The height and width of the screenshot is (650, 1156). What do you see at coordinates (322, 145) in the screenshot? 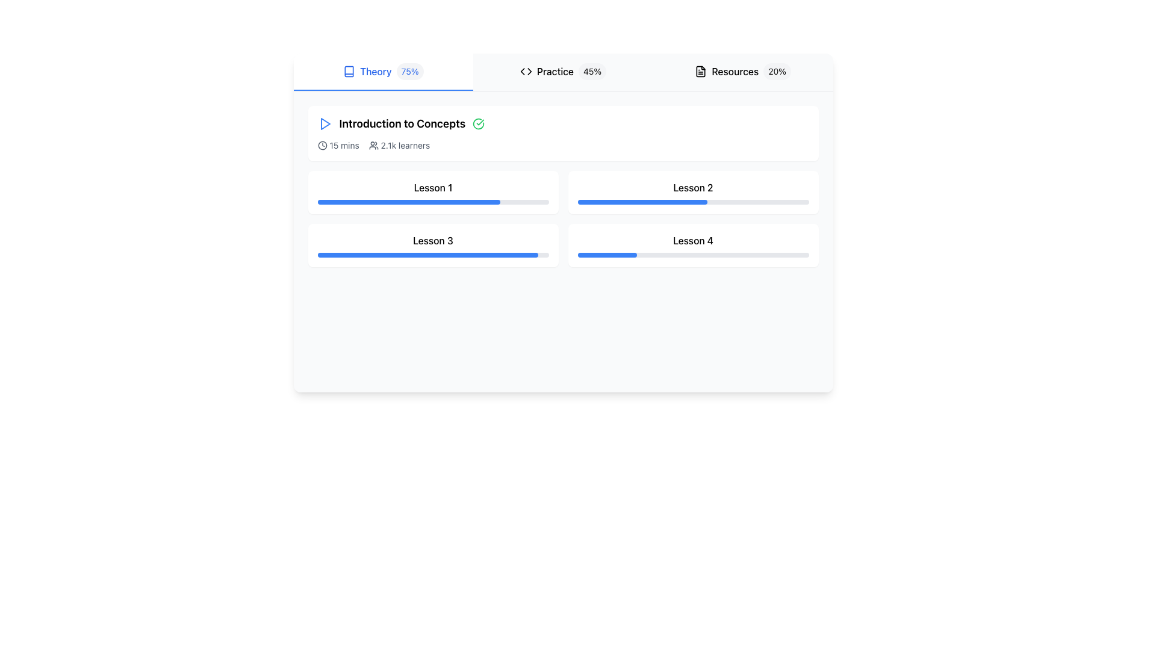
I see `the clock icon located in the header area of the 'Introduction to Concepts' section, which is styled with a circular outline and clock hands` at bounding box center [322, 145].